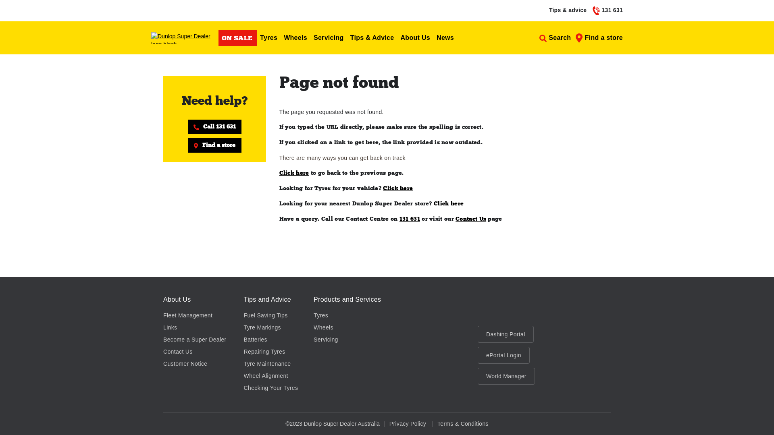 This screenshot has width=774, height=435. Describe the element at coordinates (608, 10) in the screenshot. I see `'131 631'` at that location.